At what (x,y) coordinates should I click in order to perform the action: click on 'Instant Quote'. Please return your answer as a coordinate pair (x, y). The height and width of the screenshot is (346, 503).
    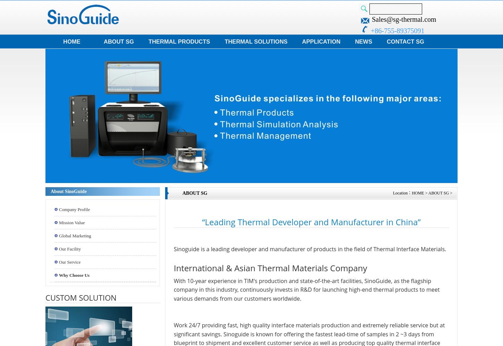
    Looking at the image, I should click on (22, 8).